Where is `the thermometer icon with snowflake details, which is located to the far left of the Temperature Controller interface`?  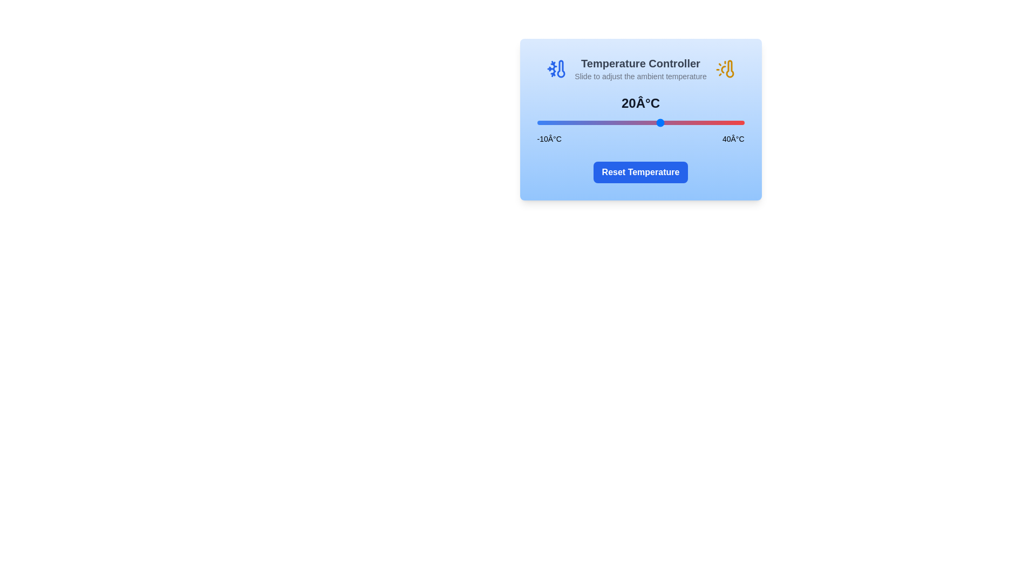 the thermometer icon with snowflake details, which is located to the far left of the Temperature Controller interface is located at coordinates (554, 64).